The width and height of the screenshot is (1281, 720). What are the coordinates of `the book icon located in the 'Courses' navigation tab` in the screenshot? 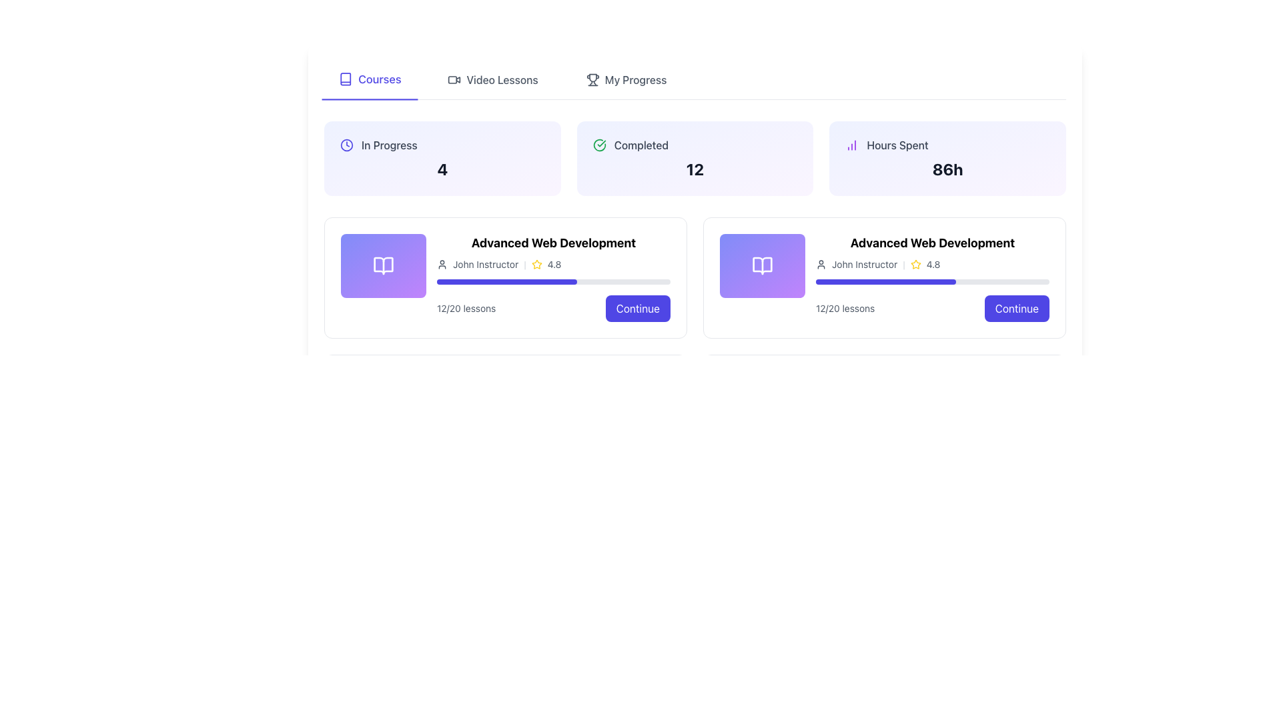 It's located at (346, 79).